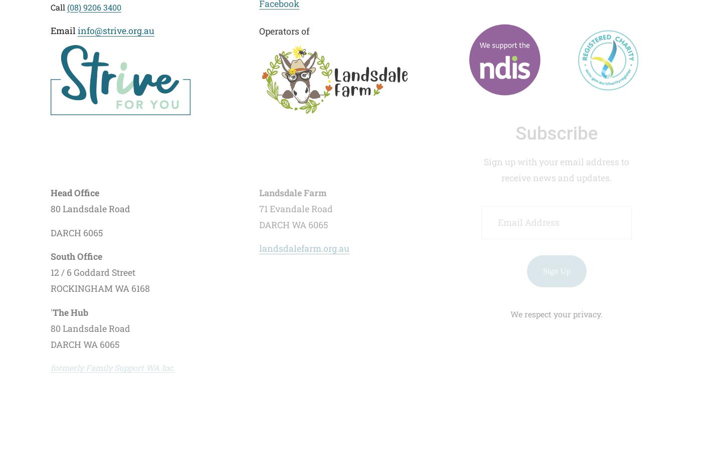  I want to click on 'South Office', so click(75, 255).